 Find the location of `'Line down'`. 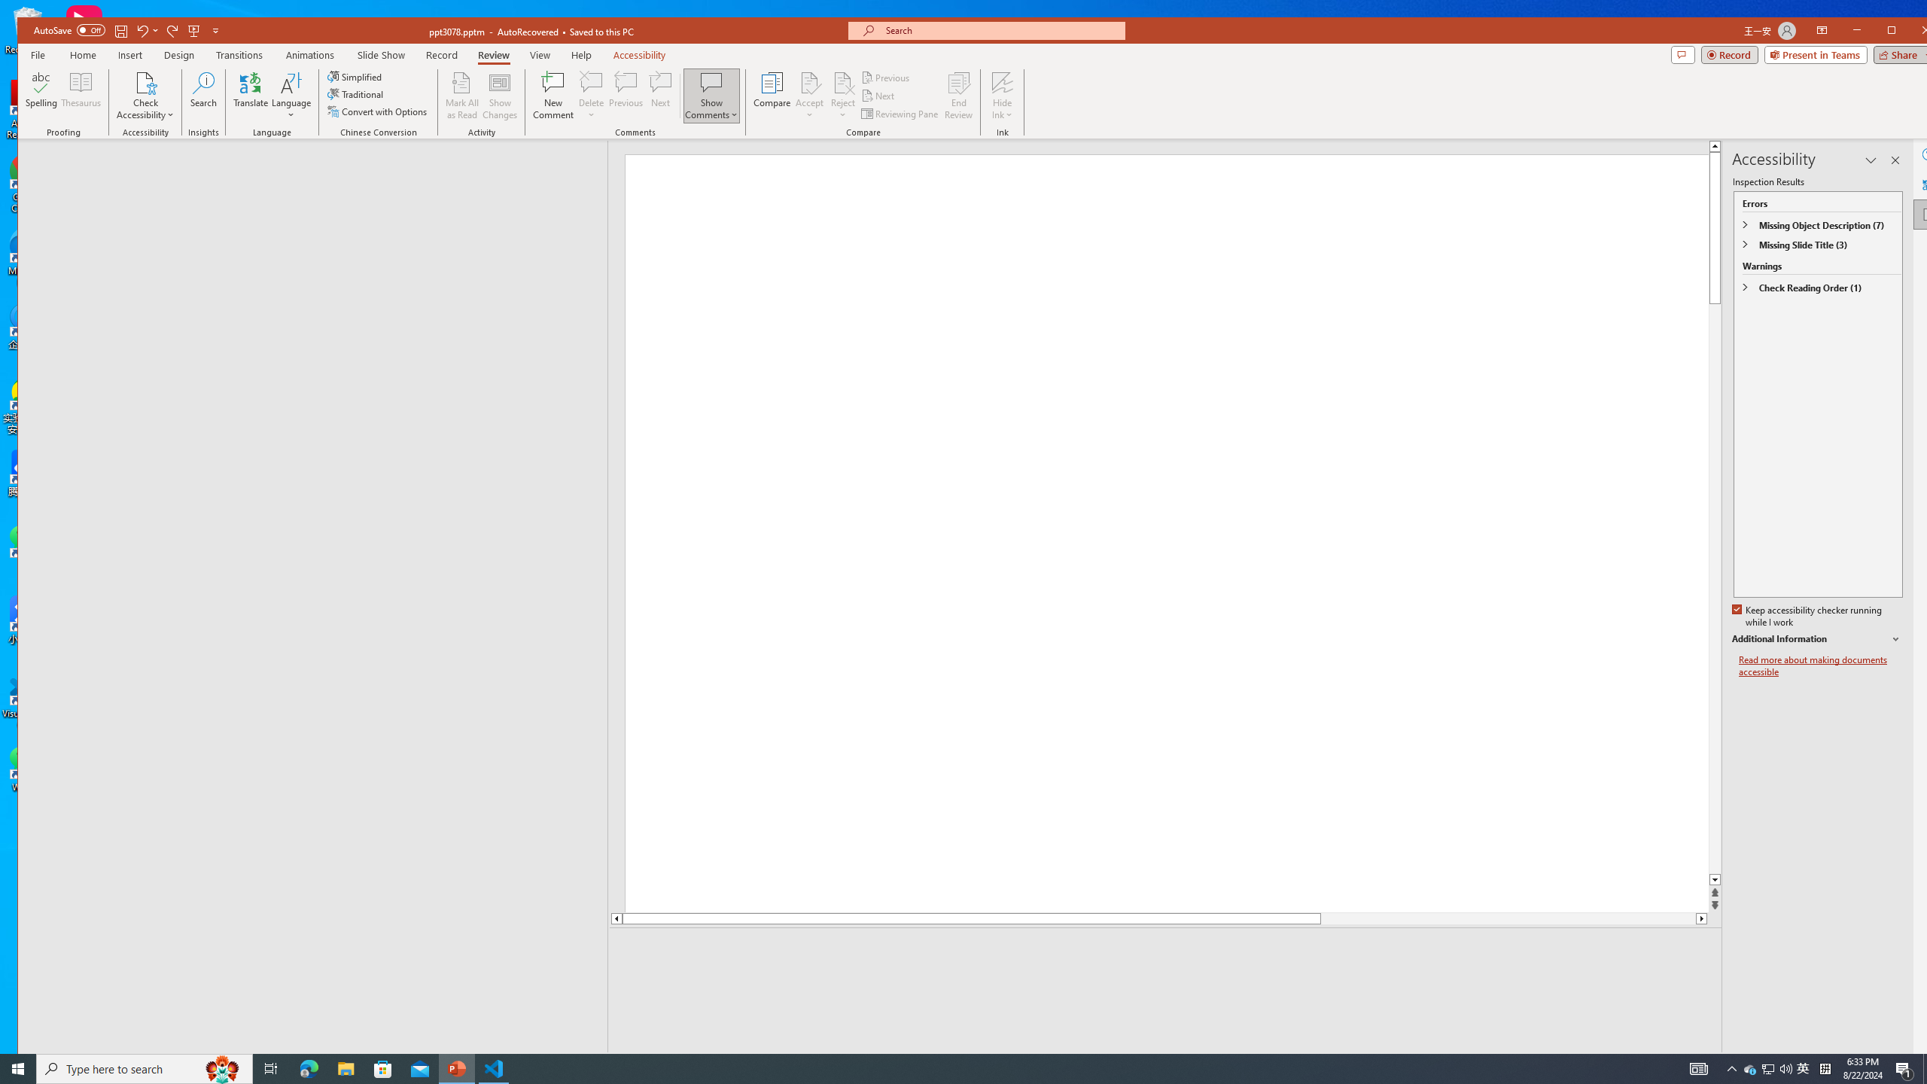

'Line down' is located at coordinates (1702, 918).